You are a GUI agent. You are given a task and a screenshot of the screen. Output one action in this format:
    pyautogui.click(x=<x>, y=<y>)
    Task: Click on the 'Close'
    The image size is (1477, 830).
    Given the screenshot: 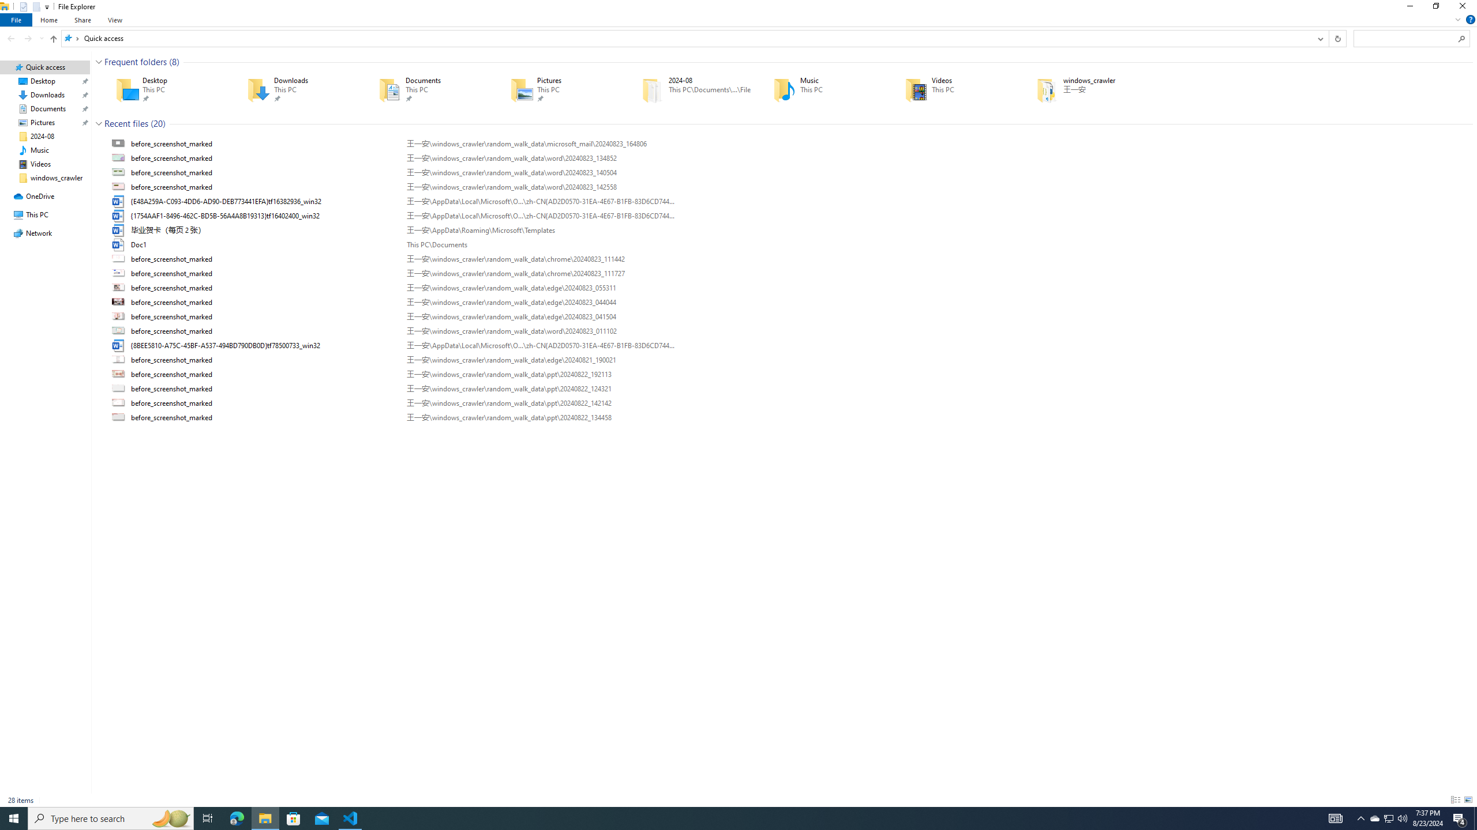 What is the action you would take?
    pyautogui.click(x=1465, y=9)
    